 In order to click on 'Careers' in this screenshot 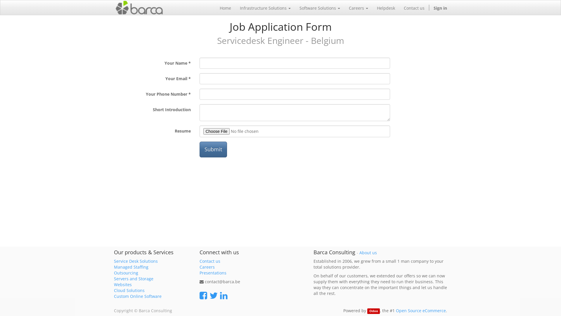, I will do `click(358, 8)`.